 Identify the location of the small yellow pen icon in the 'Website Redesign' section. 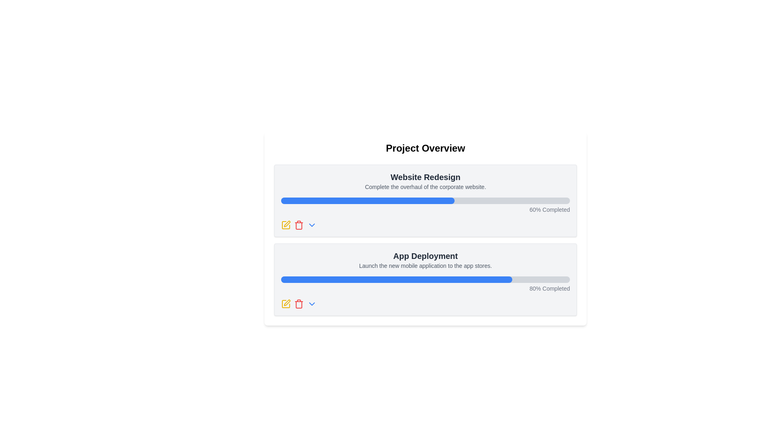
(287, 224).